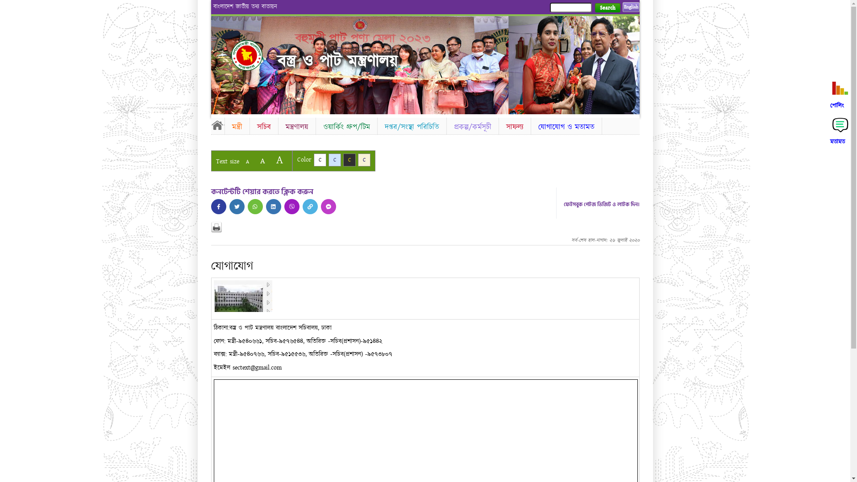 The width and height of the screenshot is (857, 482). I want to click on 'C', so click(342, 159).